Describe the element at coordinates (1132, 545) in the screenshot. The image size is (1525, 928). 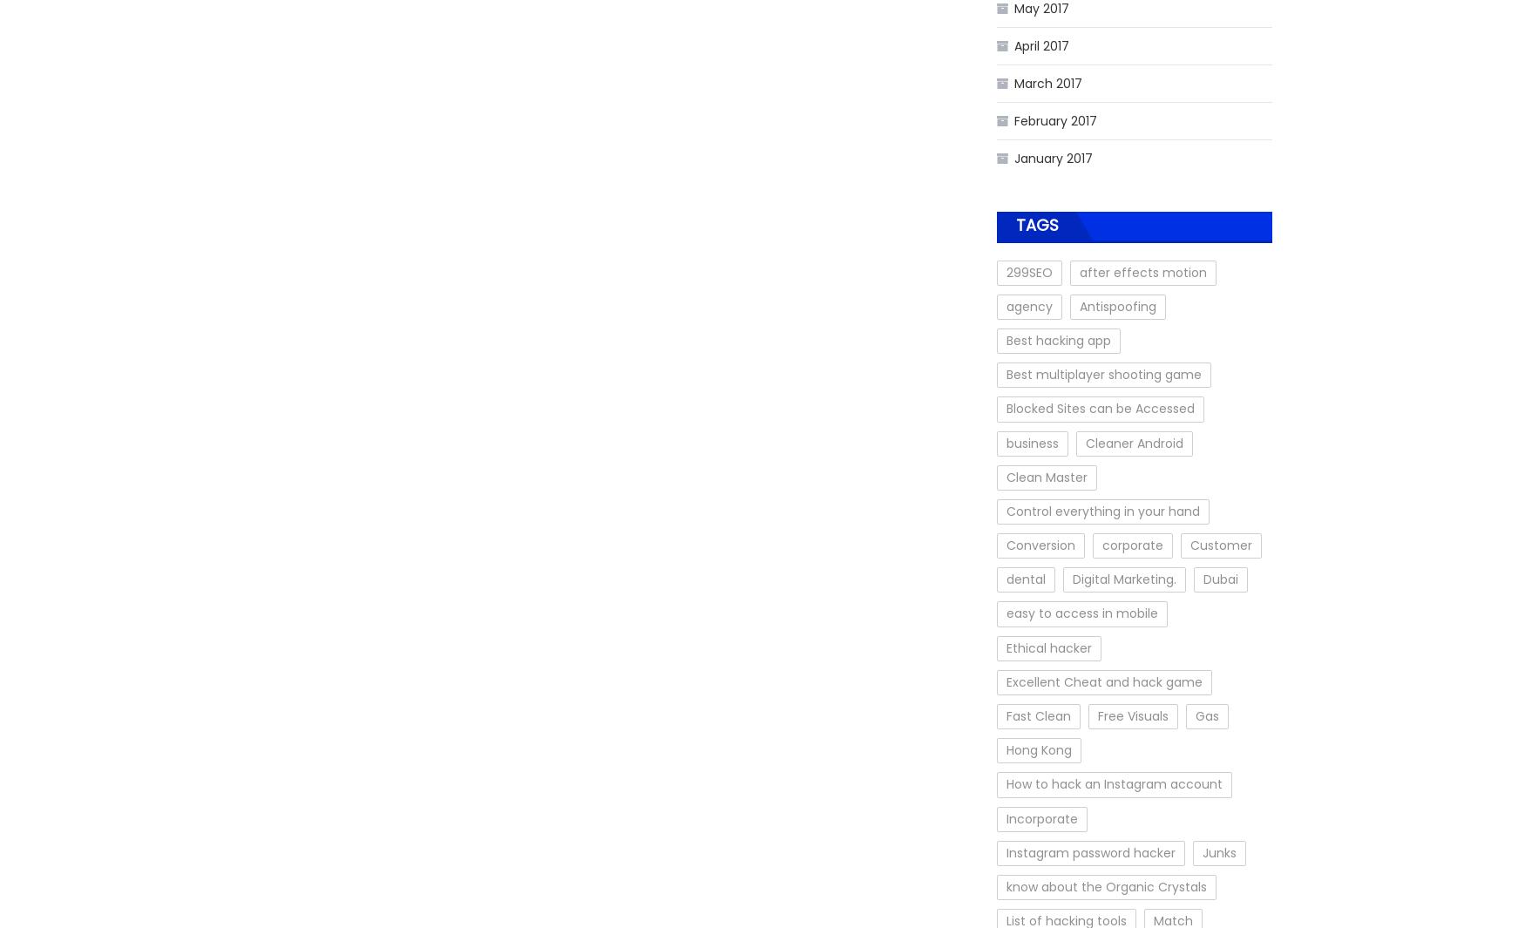
I see `'corporate'` at that location.